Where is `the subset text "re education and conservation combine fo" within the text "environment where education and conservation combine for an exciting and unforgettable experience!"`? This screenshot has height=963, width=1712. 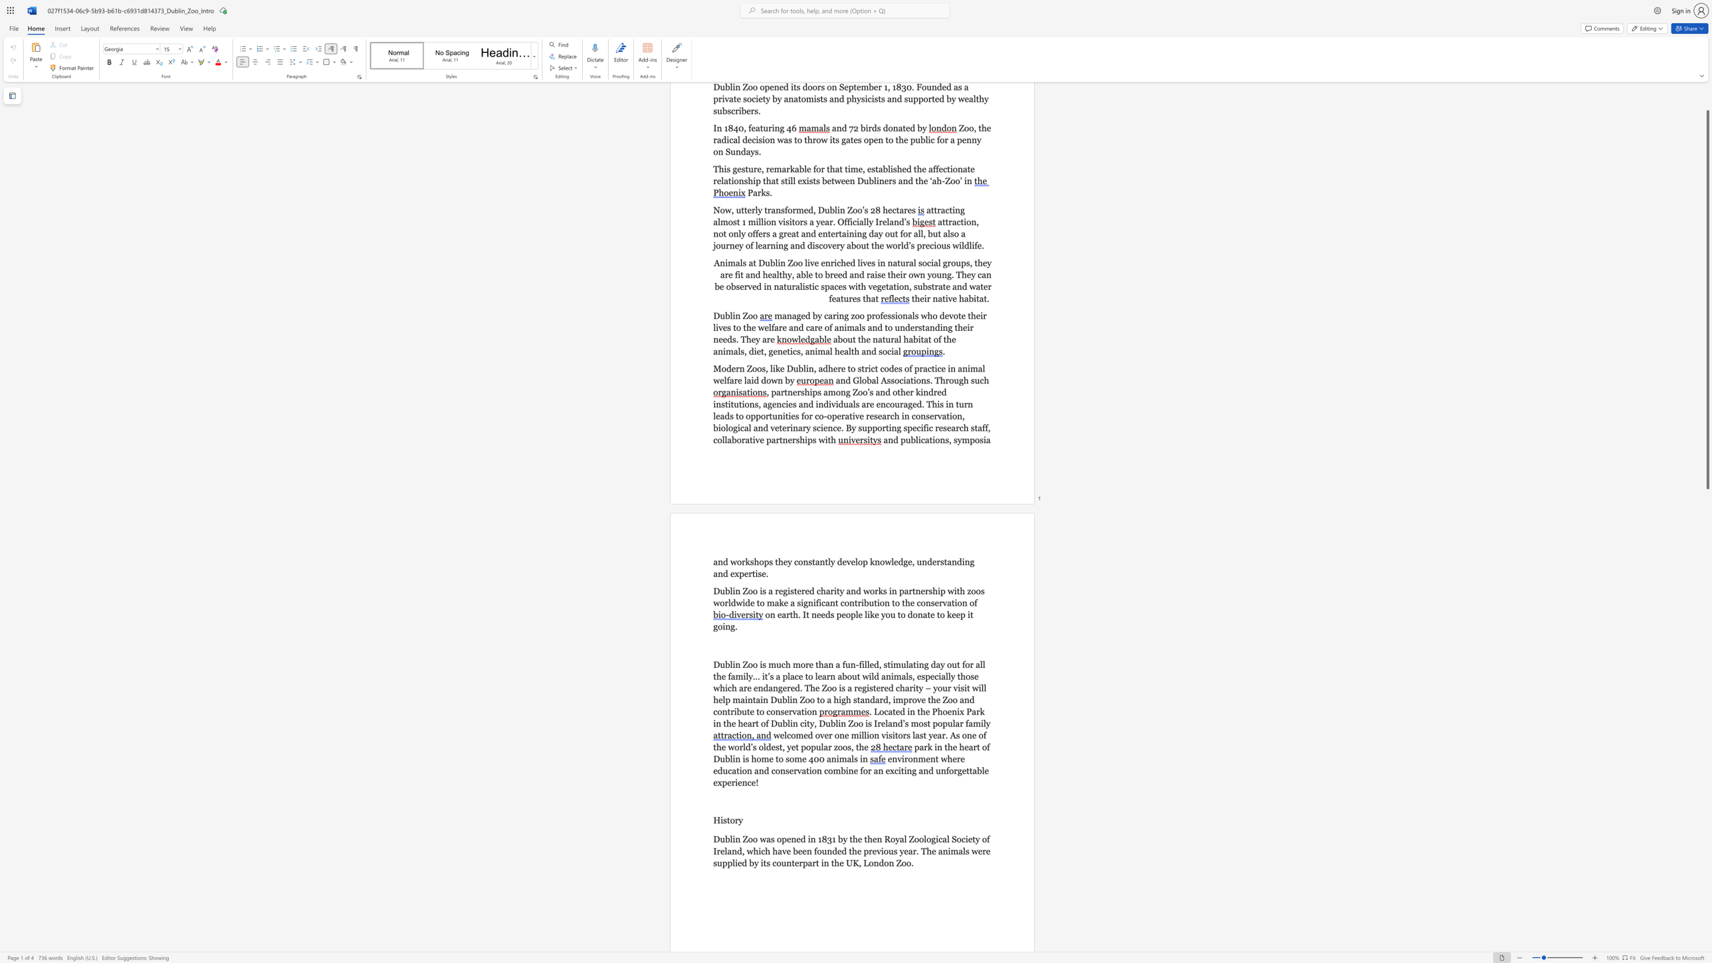 the subset text "re education and conservation combine fo" within the text "environment where education and conservation combine for an exciting and unforgettable experience!" is located at coordinates (956, 758).